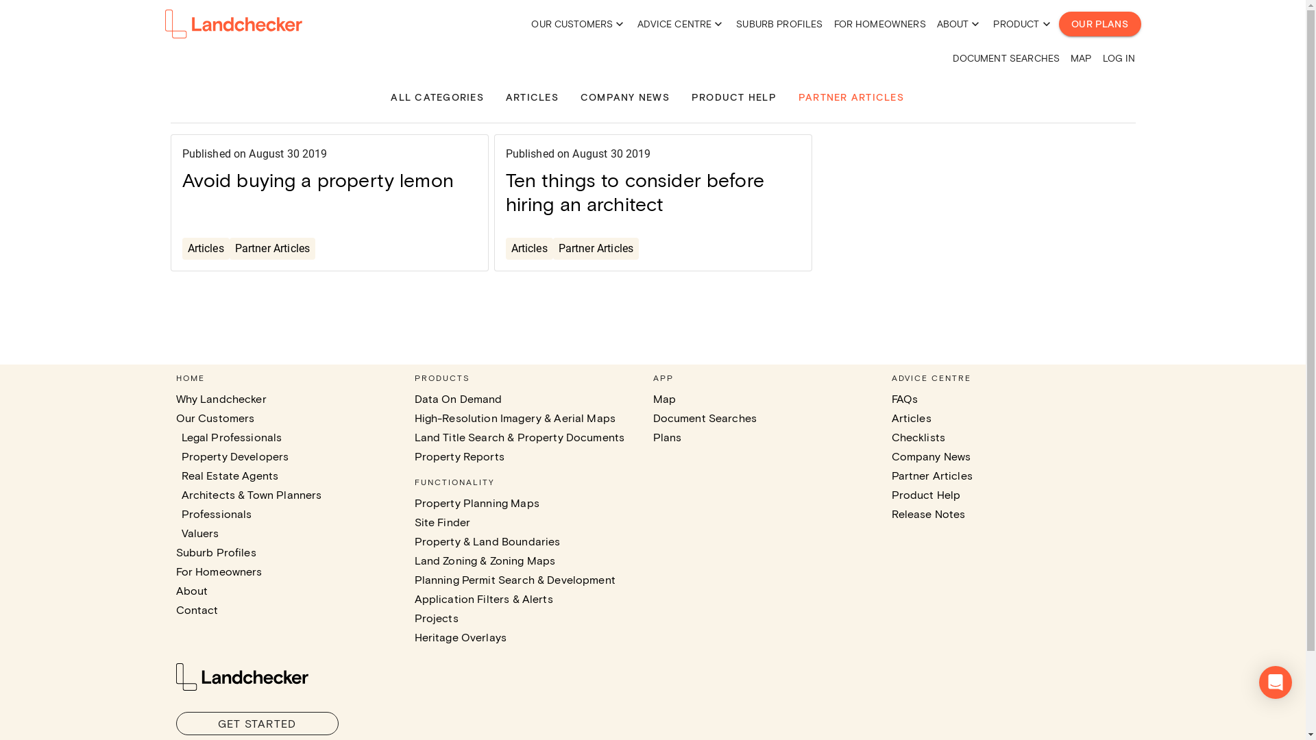 The image size is (1316, 740). Describe the element at coordinates (651, 437) in the screenshot. I see `'Plans'` at that location.